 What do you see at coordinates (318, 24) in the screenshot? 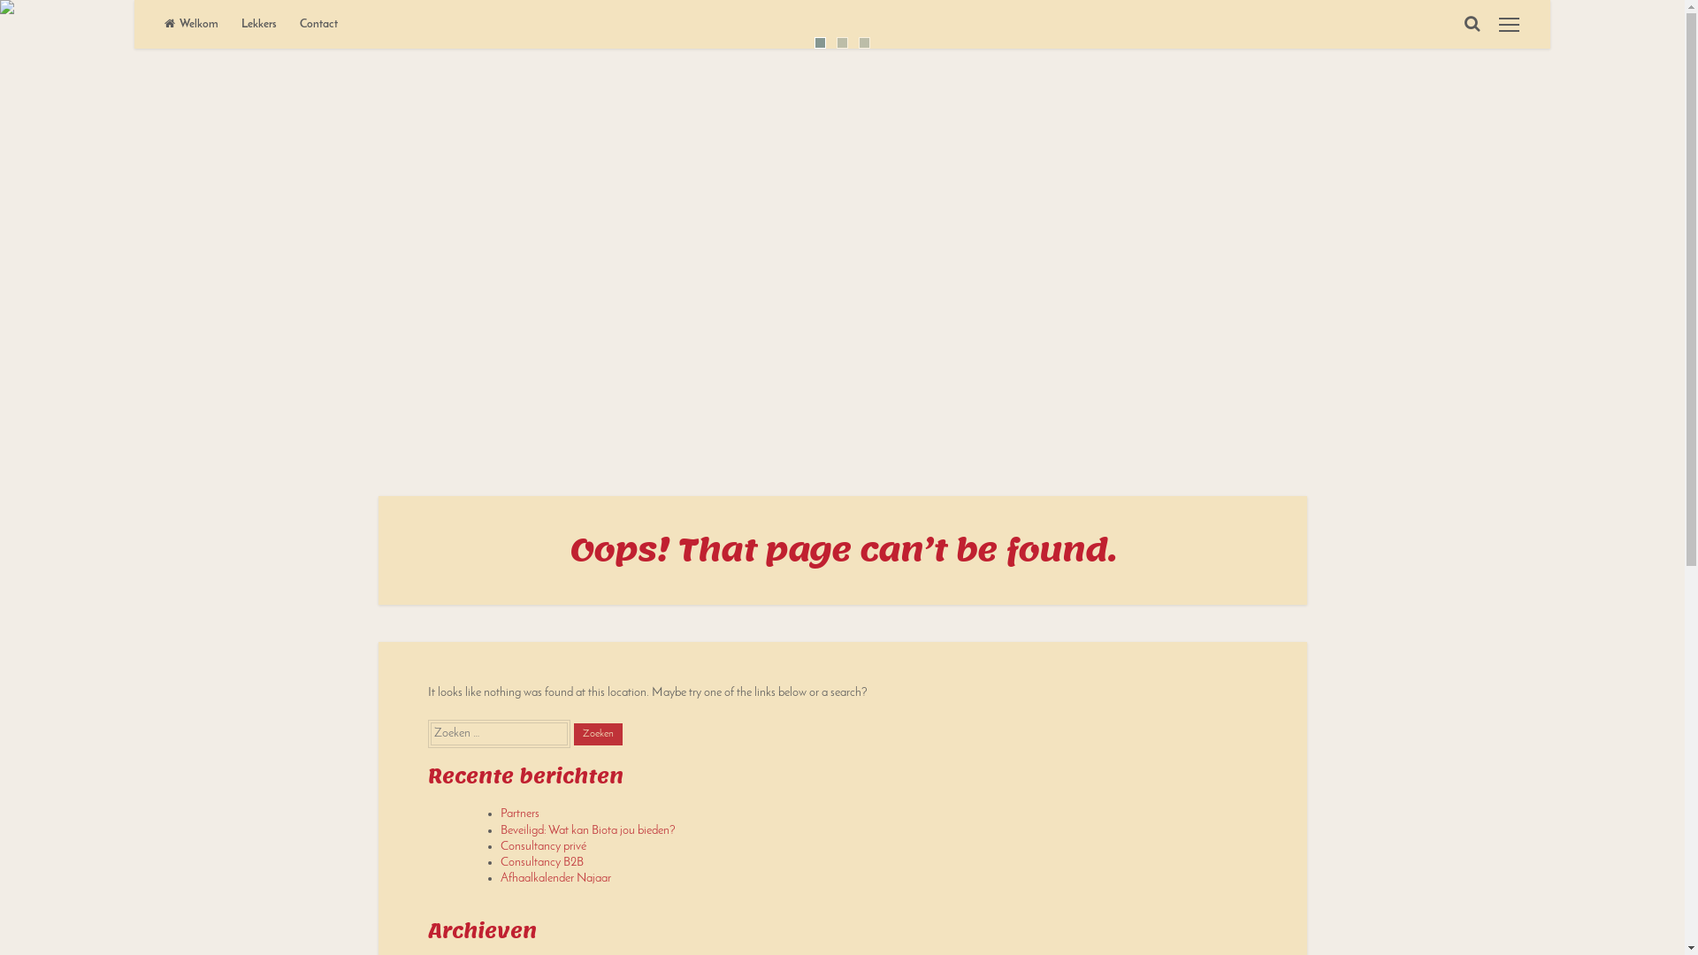
I see `'Contact'` at bounding box center [318, 24].